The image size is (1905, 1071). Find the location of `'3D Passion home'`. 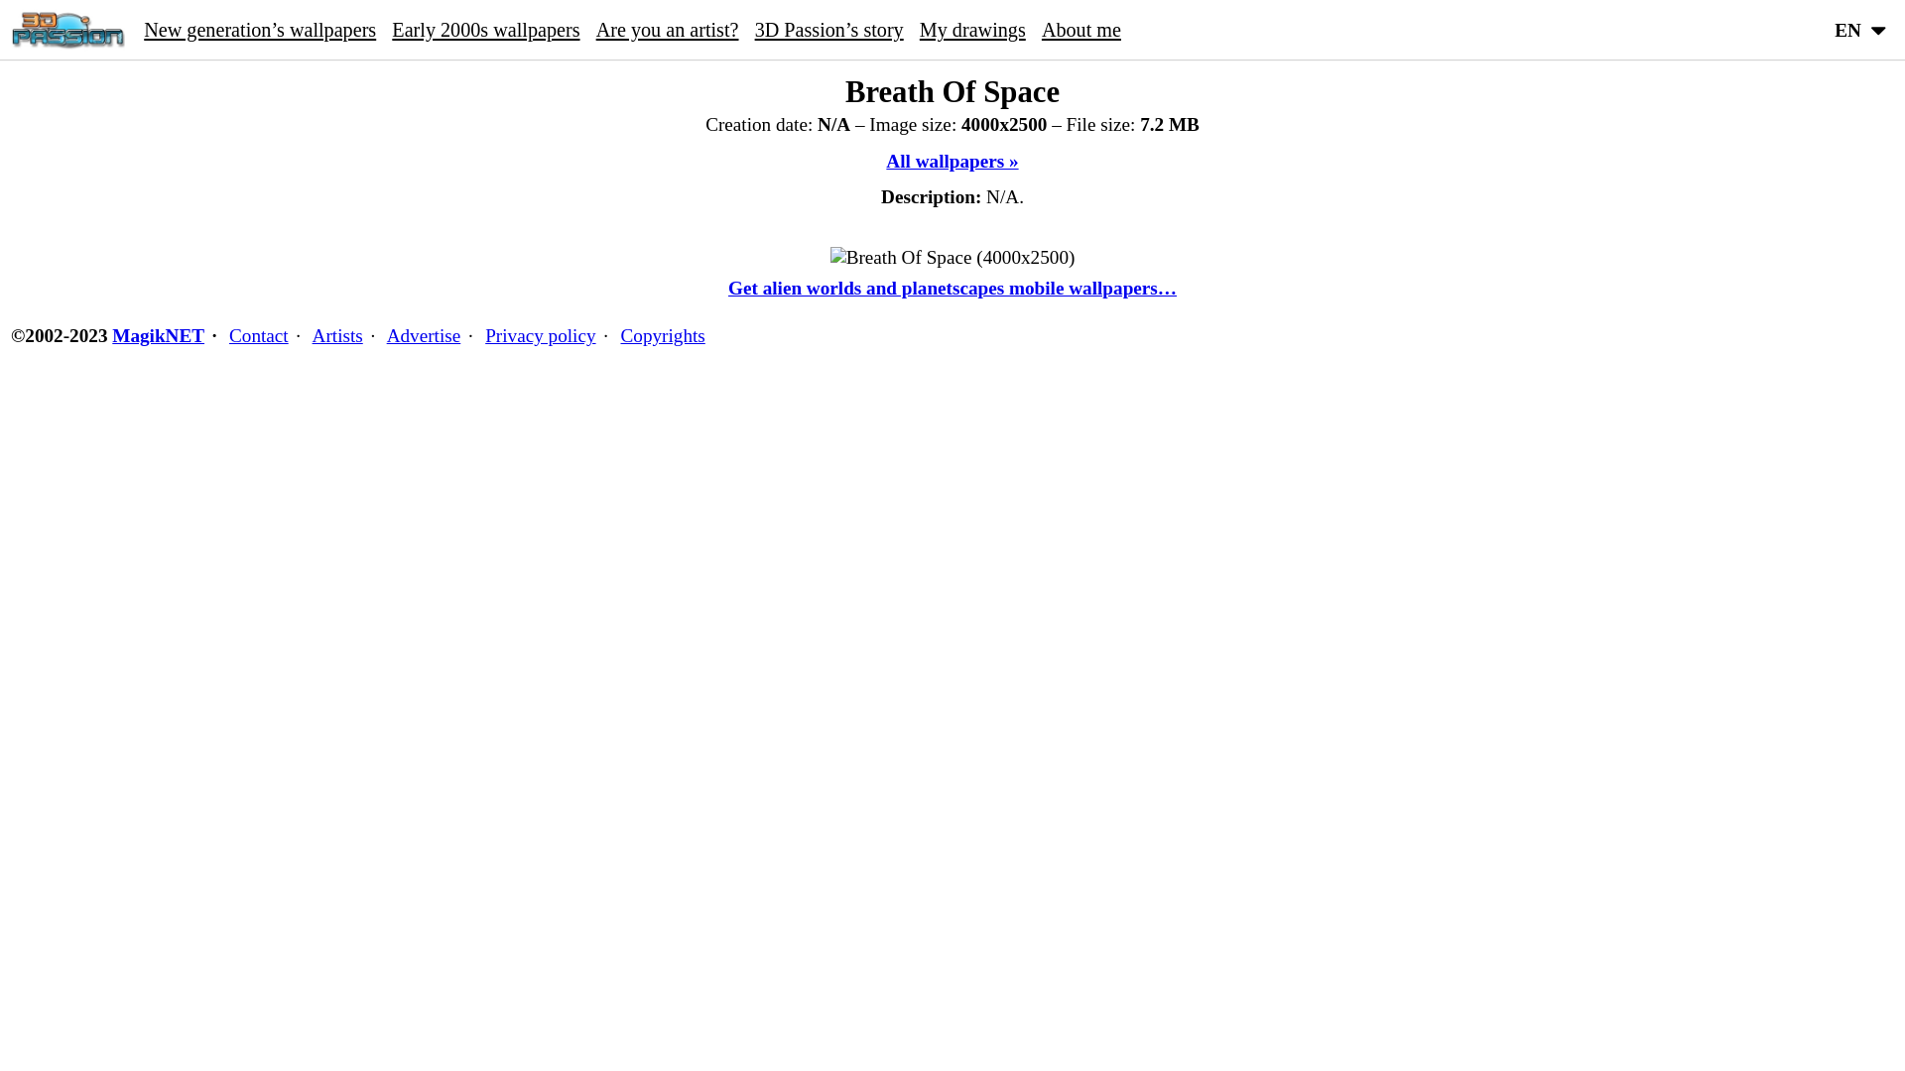

'3D Passion home' is located at coordinates (0, 30).